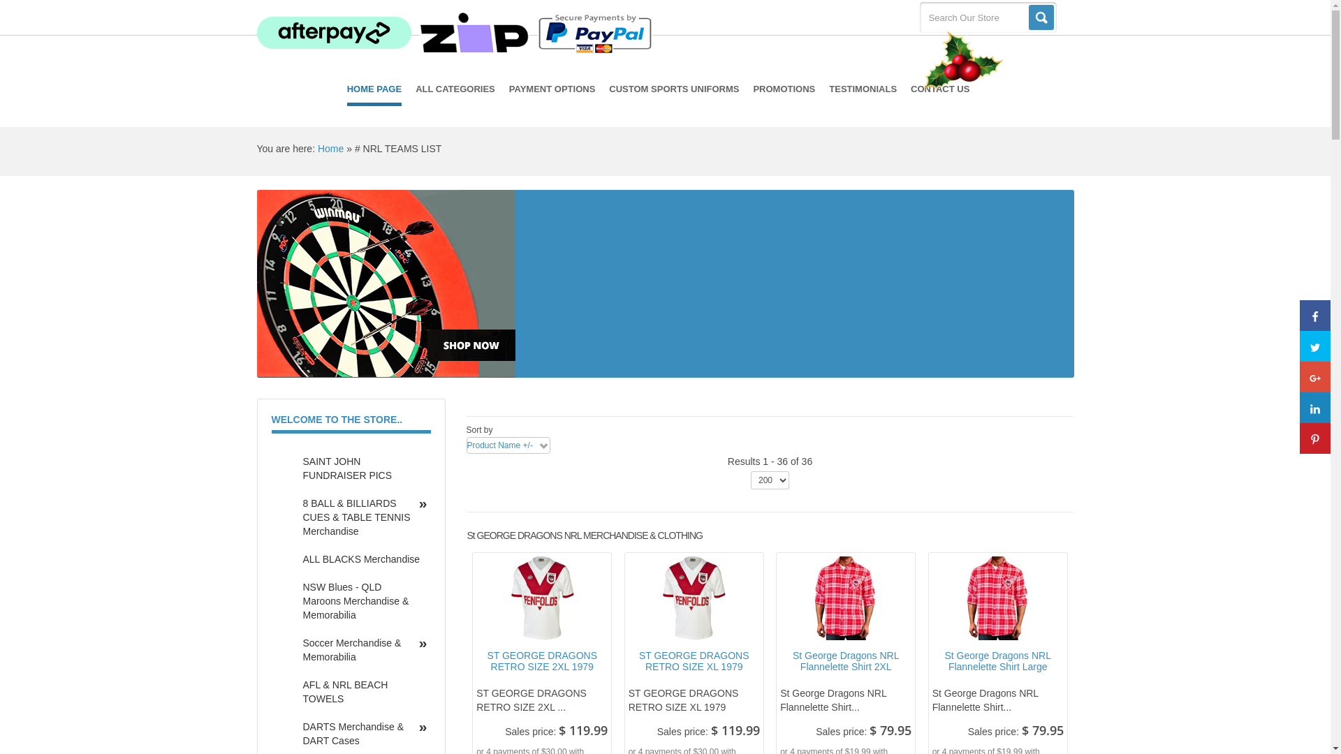 The image size is (1341, 754). What do you see at coordinates (939, 89) in the screenshot?
I see `'CONTACT US'` at bounding box center [939, 89].